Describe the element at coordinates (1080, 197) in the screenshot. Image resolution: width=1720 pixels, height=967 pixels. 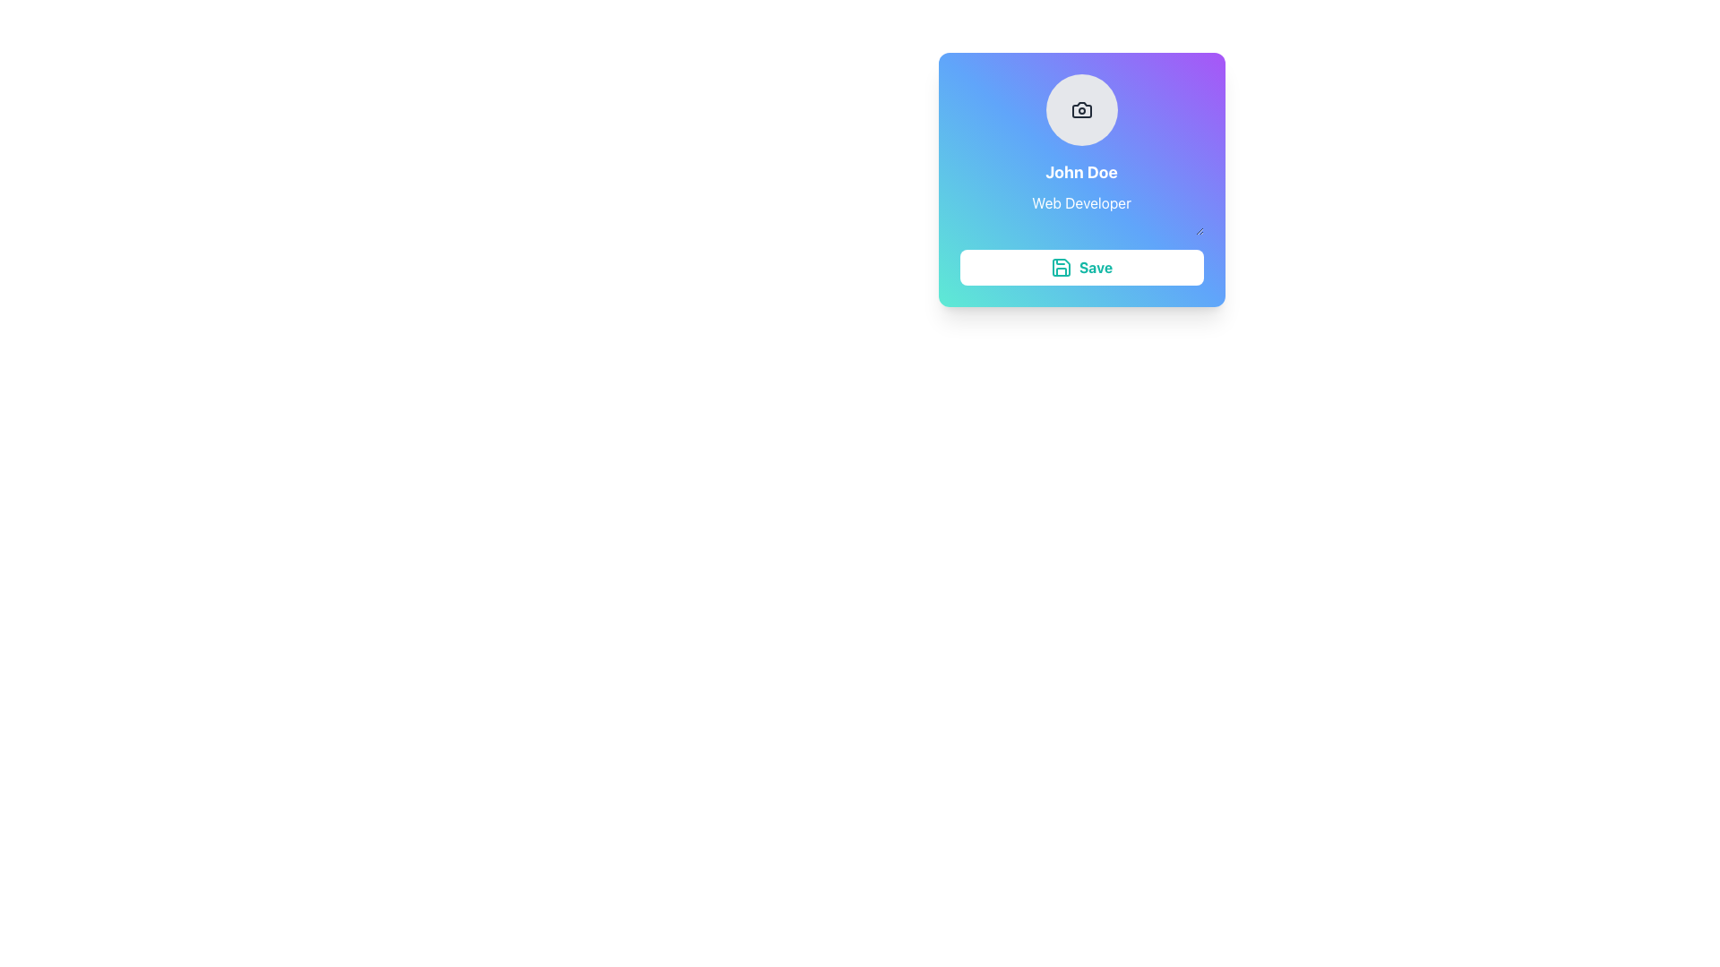
I see `the text label indicating the profession or role of 'John Doe', which is positioned below the name and above the 'Save' button` at that location.